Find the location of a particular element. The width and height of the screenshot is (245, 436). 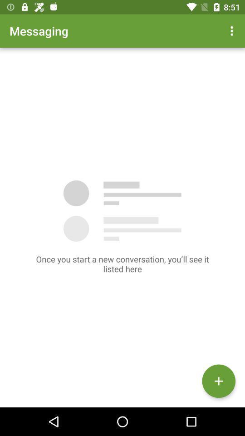

app next to messaging app is located at coordinates (233, 31).